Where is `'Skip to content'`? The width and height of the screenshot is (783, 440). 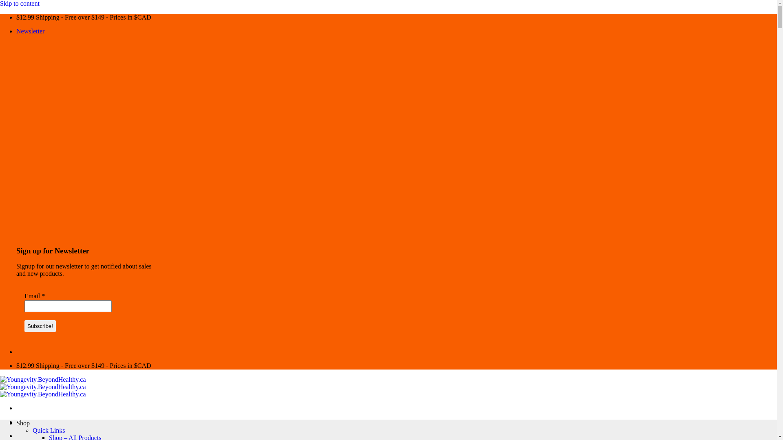 'Skip to content' is located at coordinates (20, 3).